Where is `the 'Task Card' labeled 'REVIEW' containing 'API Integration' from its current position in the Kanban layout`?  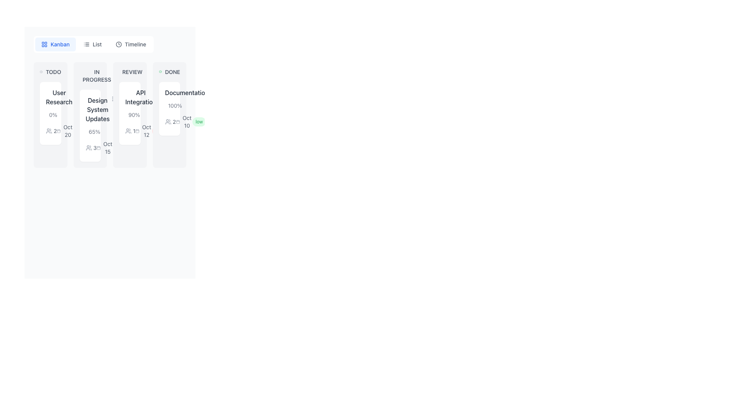
the 'Task Card' labeled 'REVIEW' containing 'API Integration' from its current position in the Kanban layout is located at coordinates (130, 115).